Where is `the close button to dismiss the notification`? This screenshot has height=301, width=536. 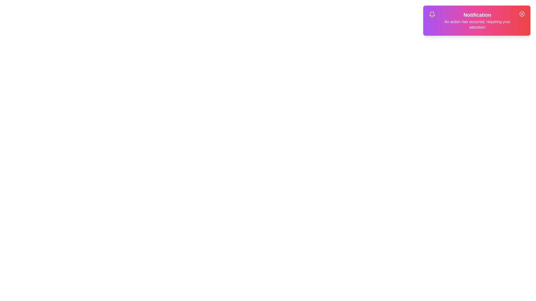 the close button to dismiss the notification is located at coordinates (522, 14).